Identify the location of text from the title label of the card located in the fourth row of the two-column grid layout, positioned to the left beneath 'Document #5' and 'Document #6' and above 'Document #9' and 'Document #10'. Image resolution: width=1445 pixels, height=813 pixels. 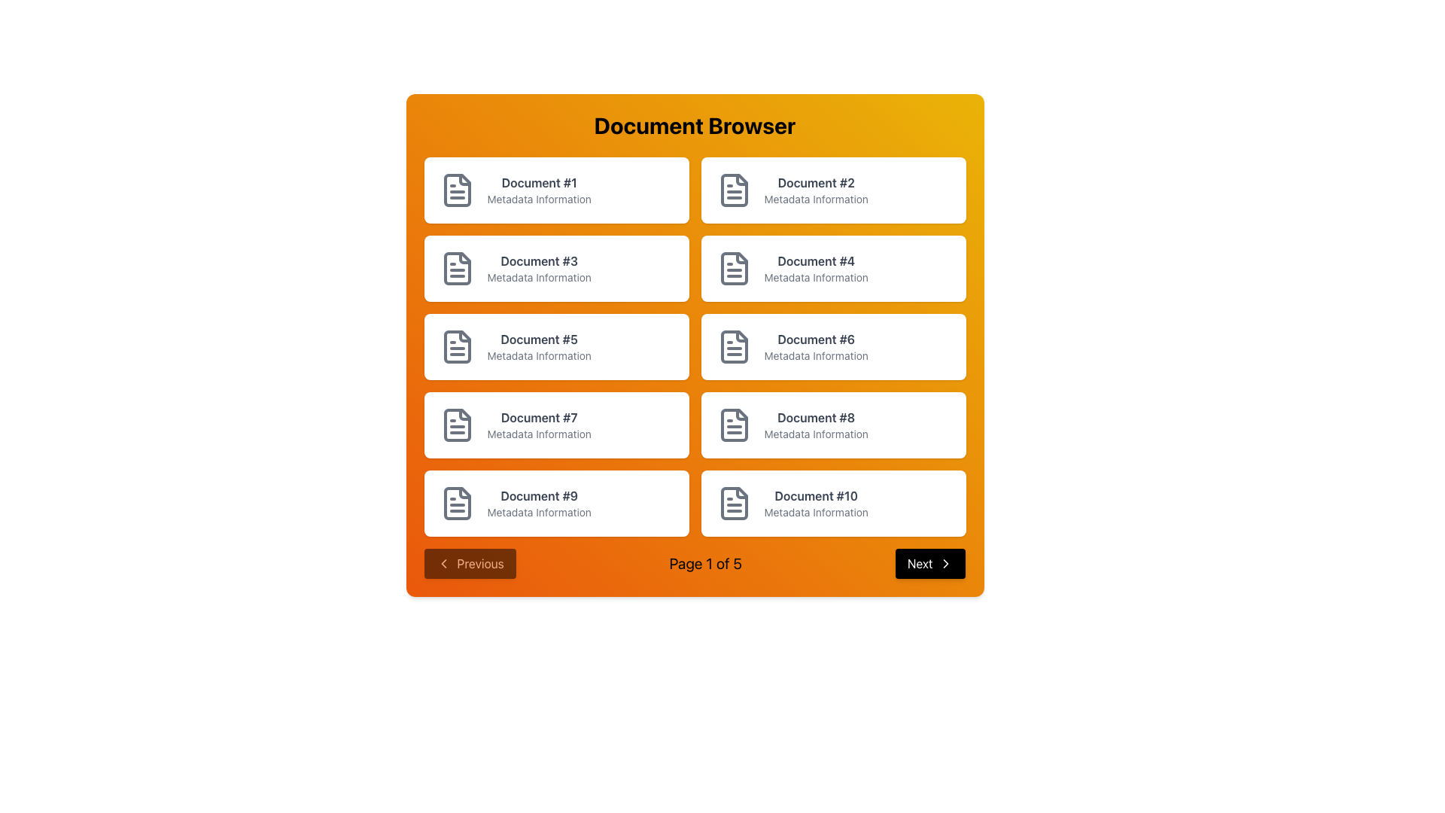
(539, 418).